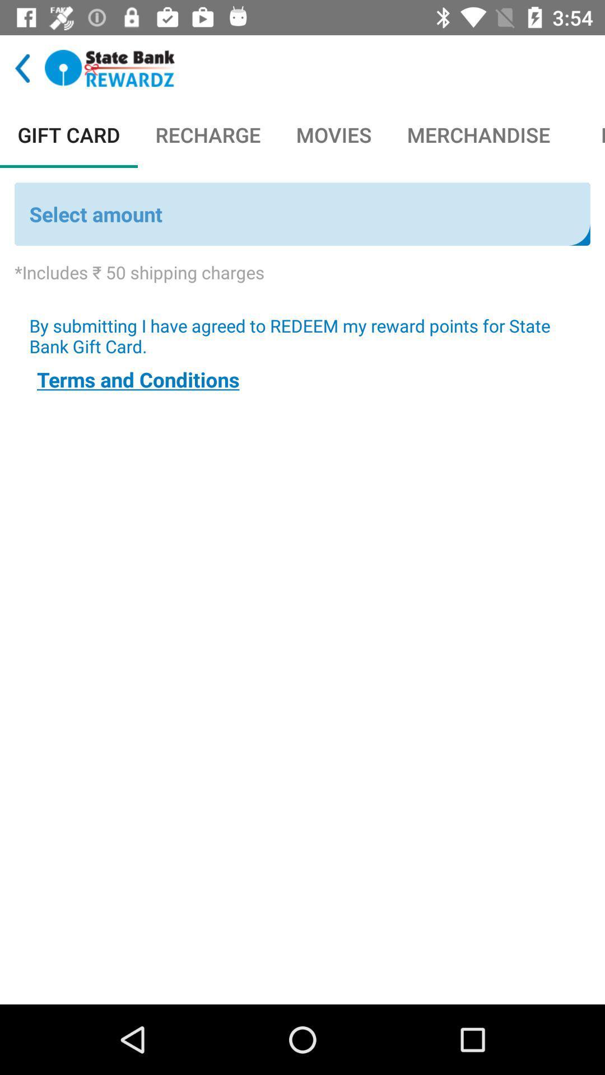  I want to click on main page, so click(110, 68).